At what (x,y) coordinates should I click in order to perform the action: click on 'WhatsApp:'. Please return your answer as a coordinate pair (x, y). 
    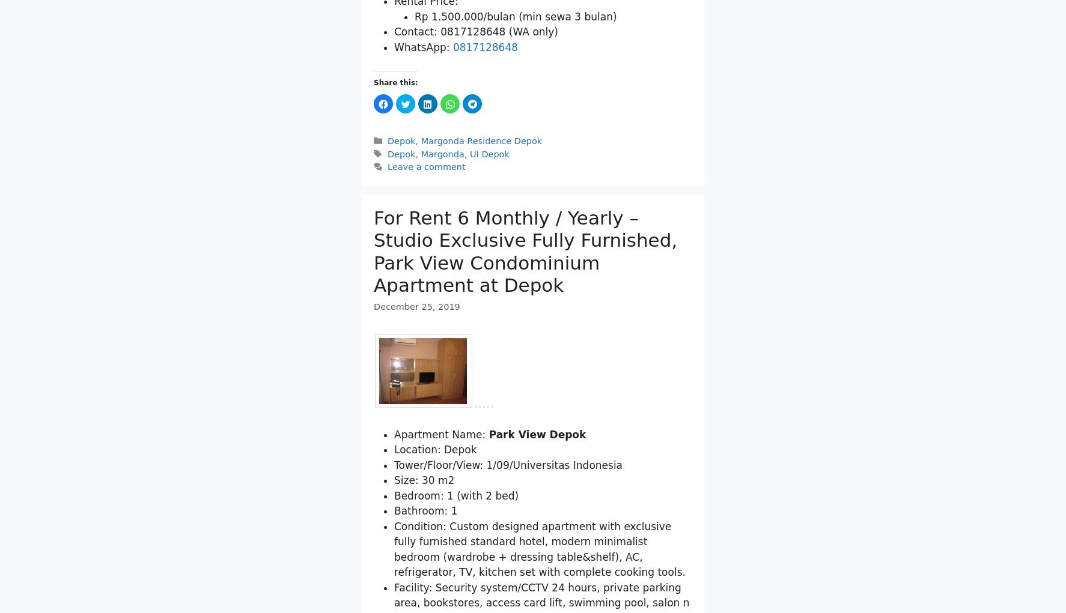
    Looking at the image, I should click on (423, 109).